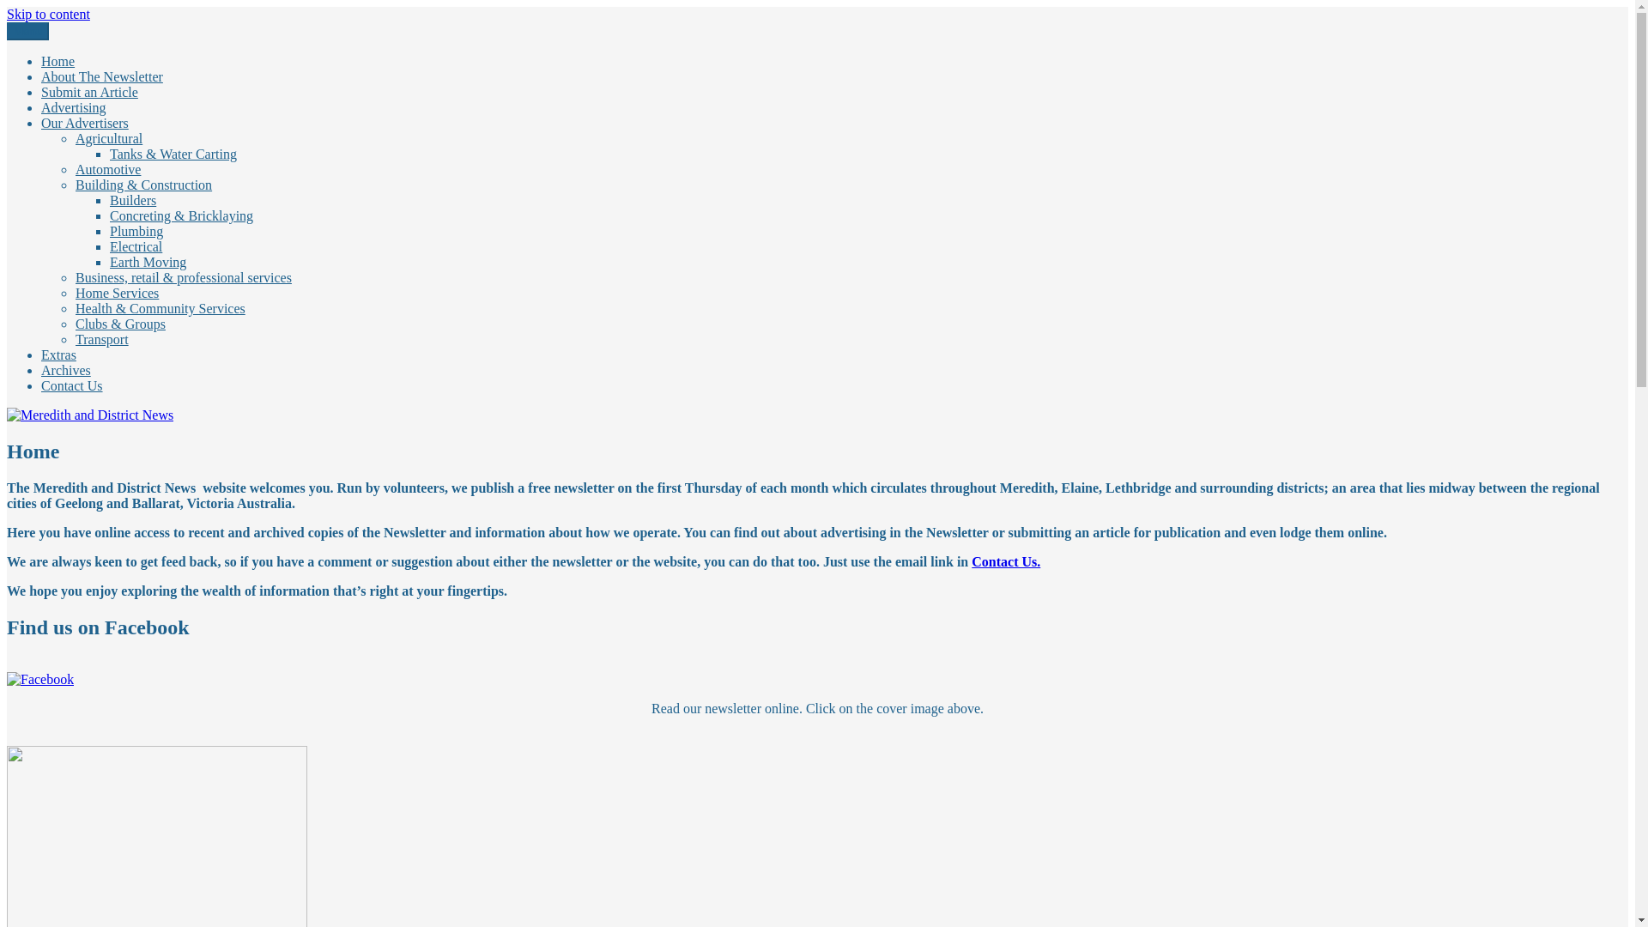  I want to click on 'Business, retail & professional services', so click(184, 276).